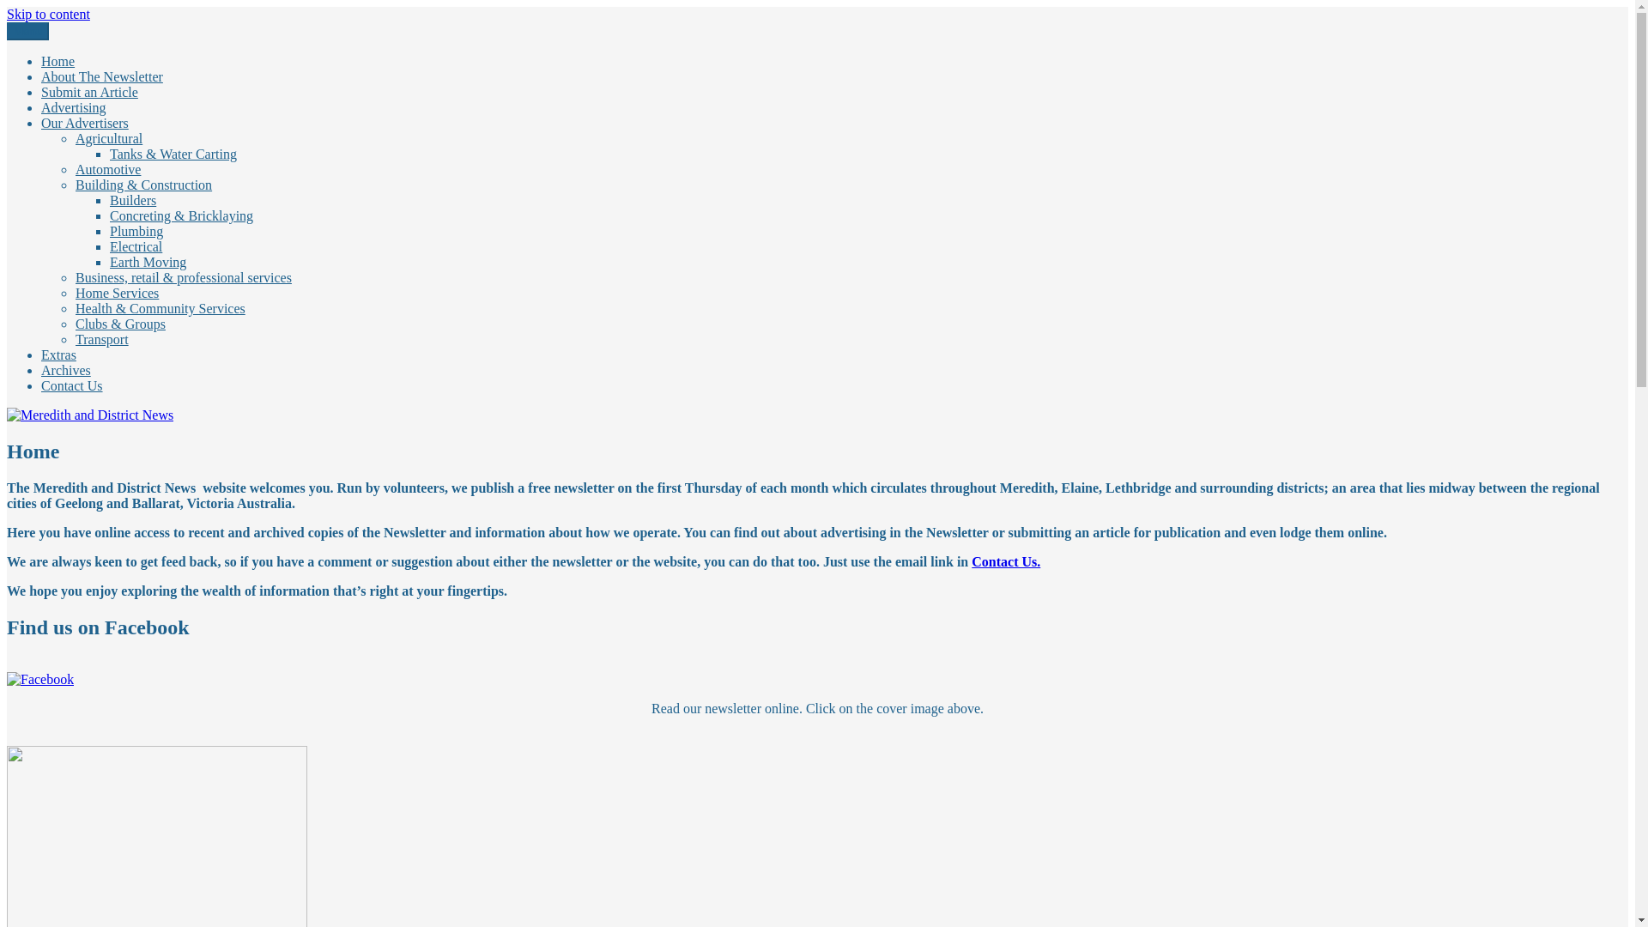  I want to click on 'Business, retail & professional services', so click(184, 276).